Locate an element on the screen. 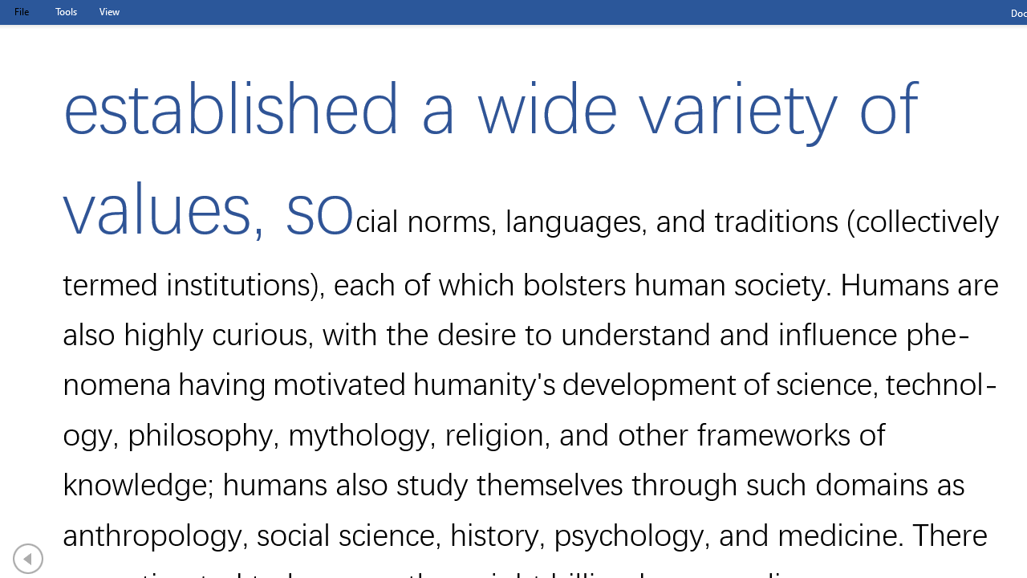  'File Tab' is located at coordinates (21, 11).